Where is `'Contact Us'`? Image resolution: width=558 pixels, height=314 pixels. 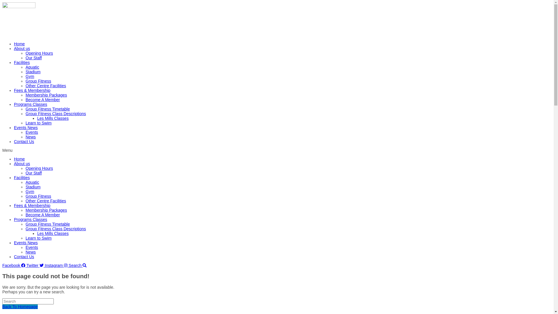 'Contact Us' is located at coordinates (14, 256).